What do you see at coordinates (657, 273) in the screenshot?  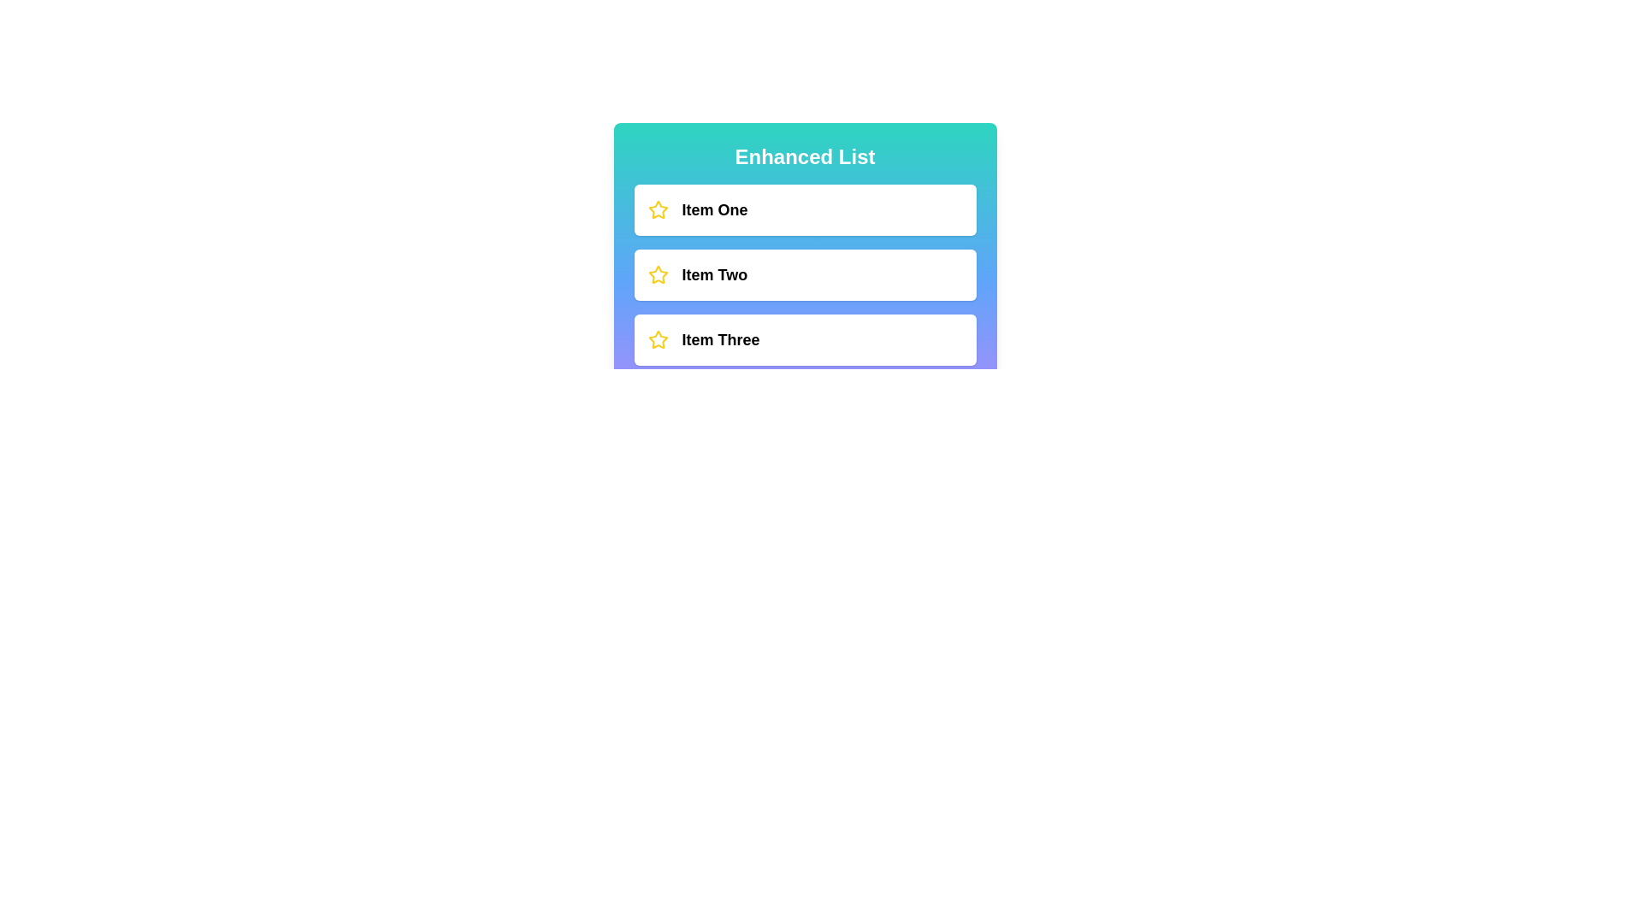 I see `the star icon next to Item Two to select it` at bounding box center [657, 273].